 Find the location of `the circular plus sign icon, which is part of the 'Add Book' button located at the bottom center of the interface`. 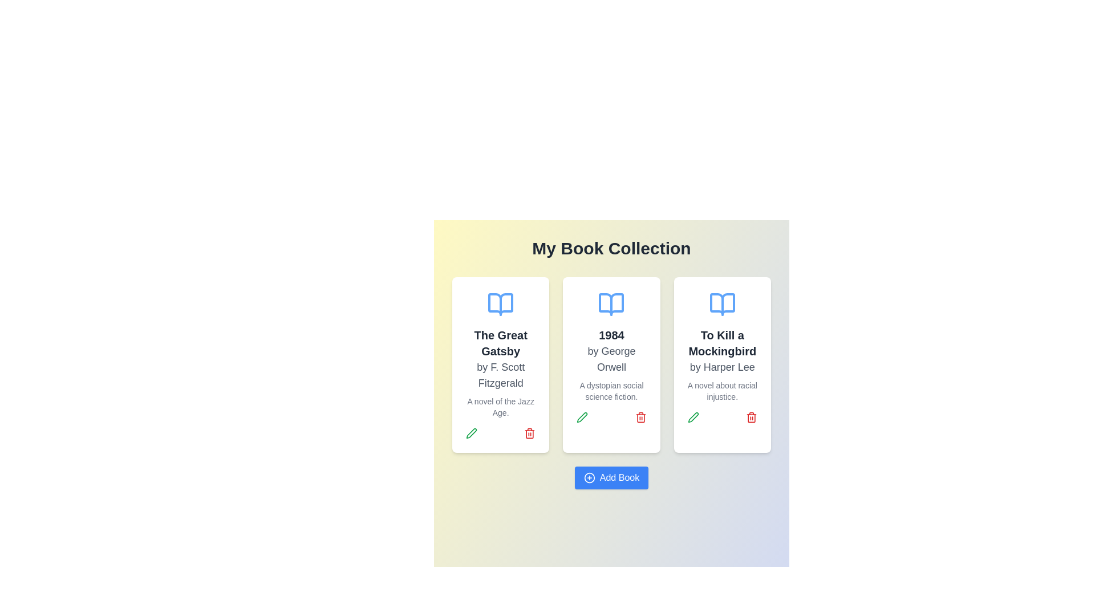

the circular plus sign icon, which is part of the 'Add Book' button located at the bottom center of the interface is located at coordinates (589, 477).